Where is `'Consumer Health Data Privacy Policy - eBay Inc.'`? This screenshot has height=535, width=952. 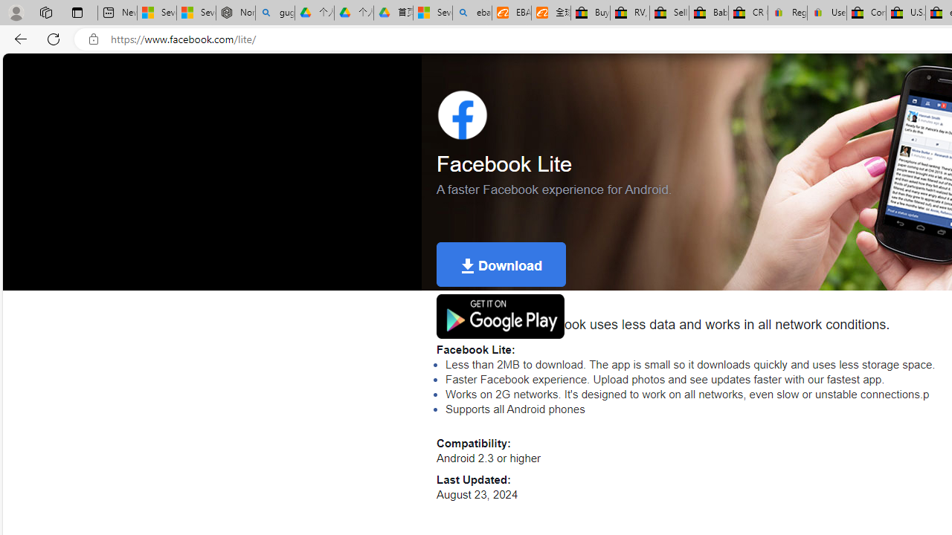
'Consumer Health Data Privacy Policy - eBay Inc.' is located at coordinates (866, 13).